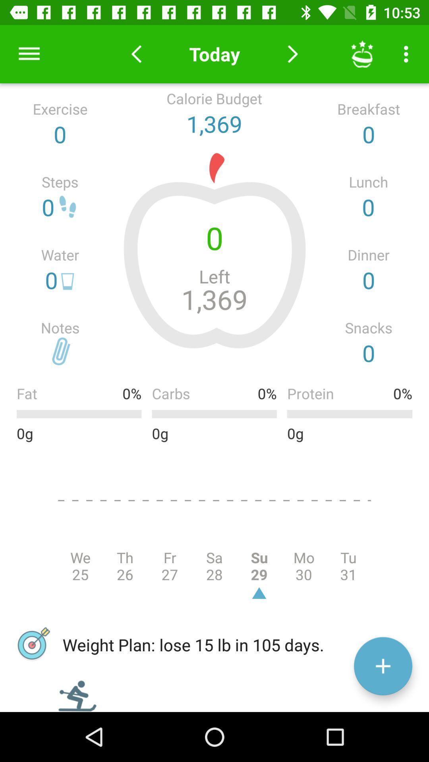  What do you see at coordinates (383, 666) in the screenshot?
I see `the add icon` at bounding box center [383, 666].